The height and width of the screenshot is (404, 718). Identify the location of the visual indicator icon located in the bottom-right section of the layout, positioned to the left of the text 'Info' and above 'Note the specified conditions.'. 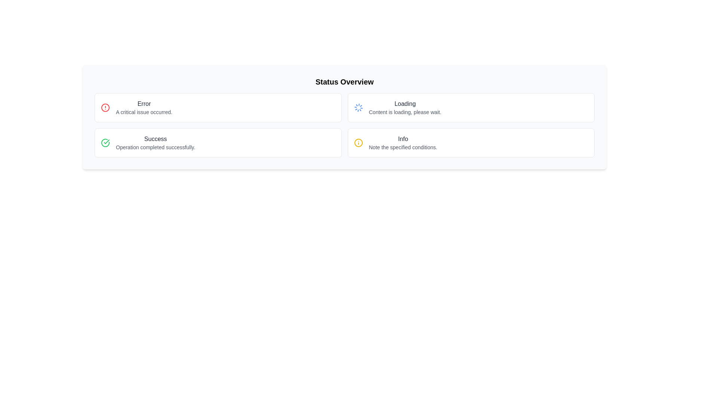
(358, 143).